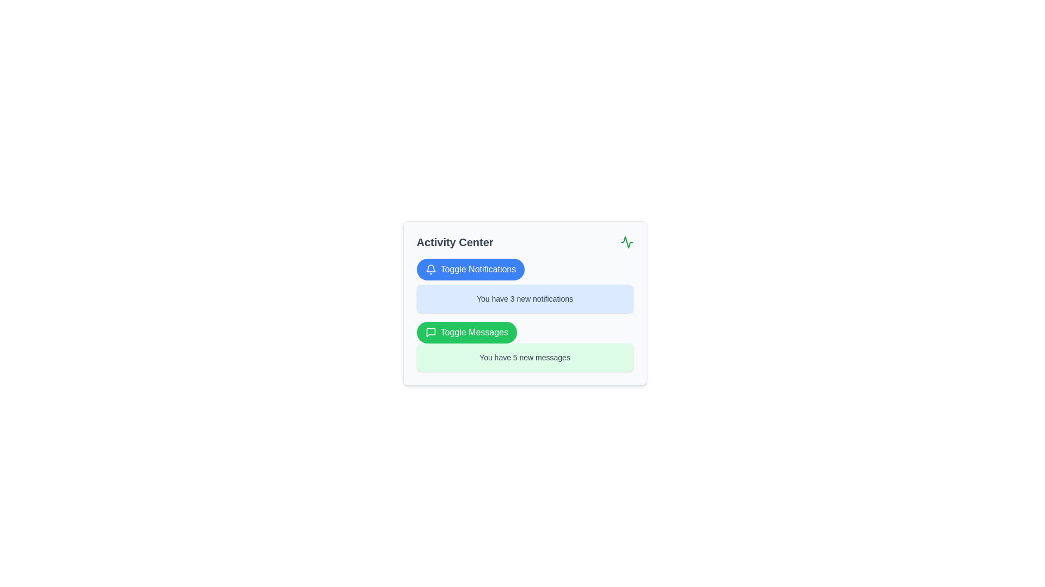 The image size is (1045, 587). What do you see at coordinates (430, 332) in the screenshot?
I see `the messaging icon within the green 'Toggle Messages' button in the 'Activity Center' panel, which enhances the button's recognizability related to communication` at bounding box center [430, 332].